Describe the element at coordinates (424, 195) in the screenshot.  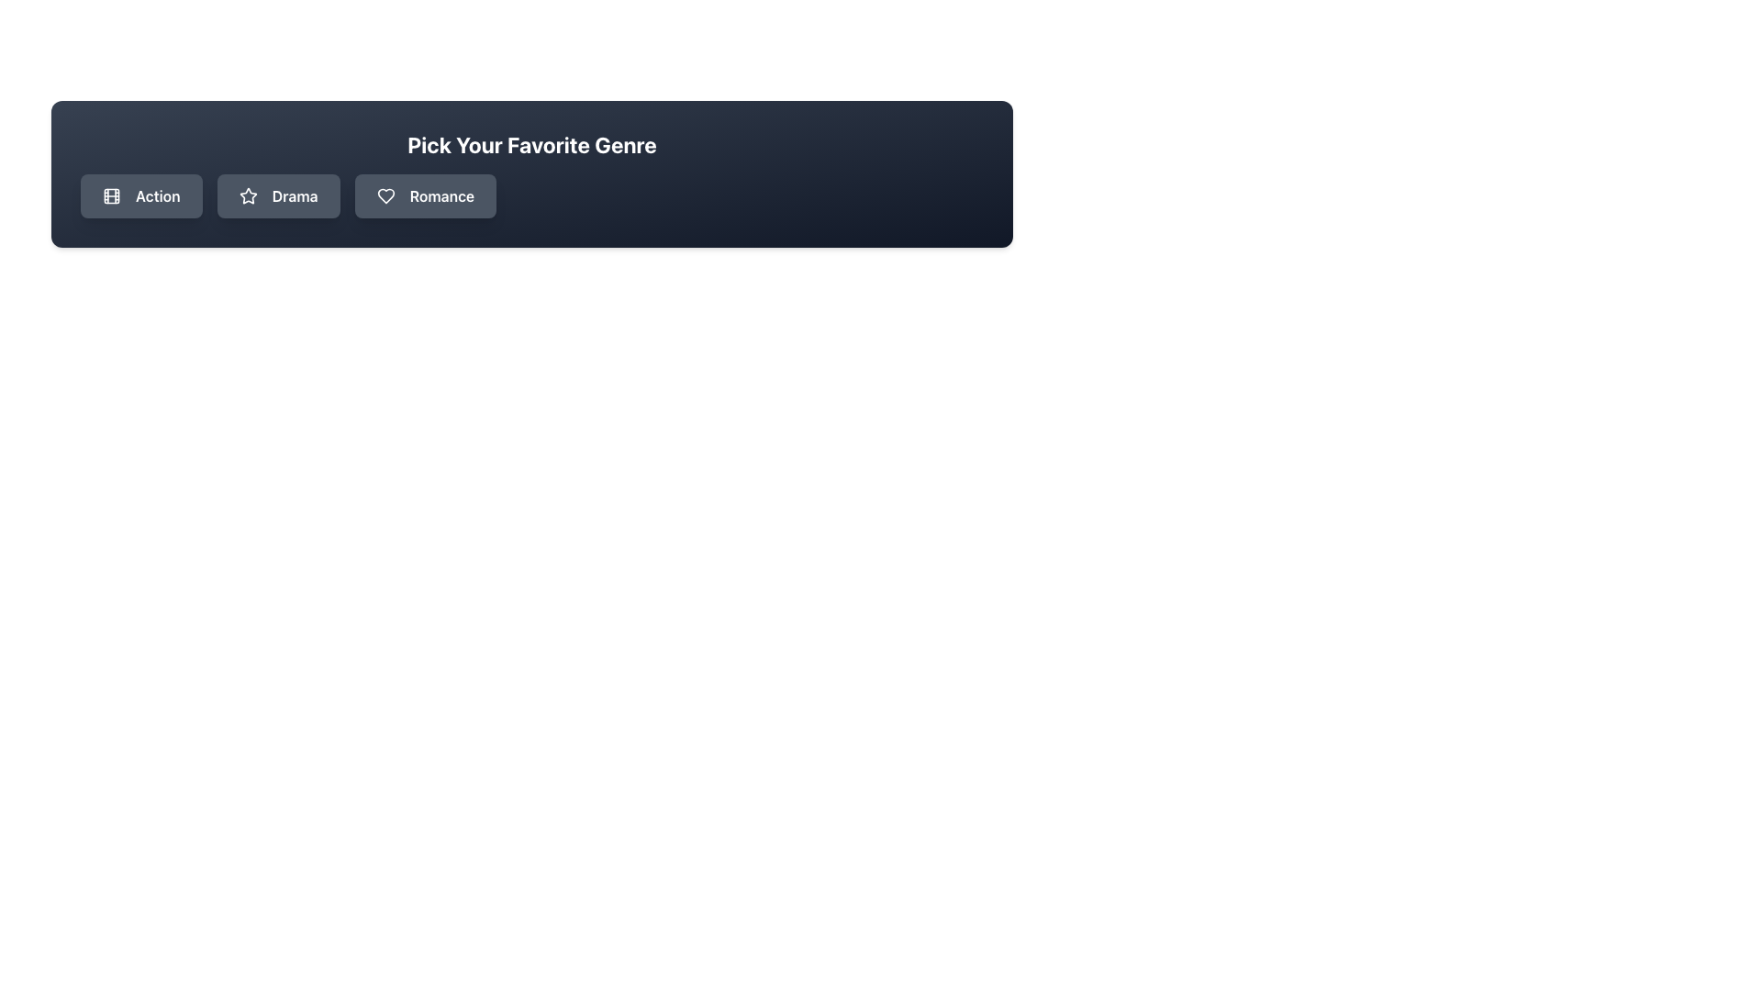
I see `the 'Romance' button, which is a rectangular button with a dark gray background, a white heart icon on the left, and the word 'Romance' in white text on the right, located in the 'Pick Your Favorite Genre' section` at that location.